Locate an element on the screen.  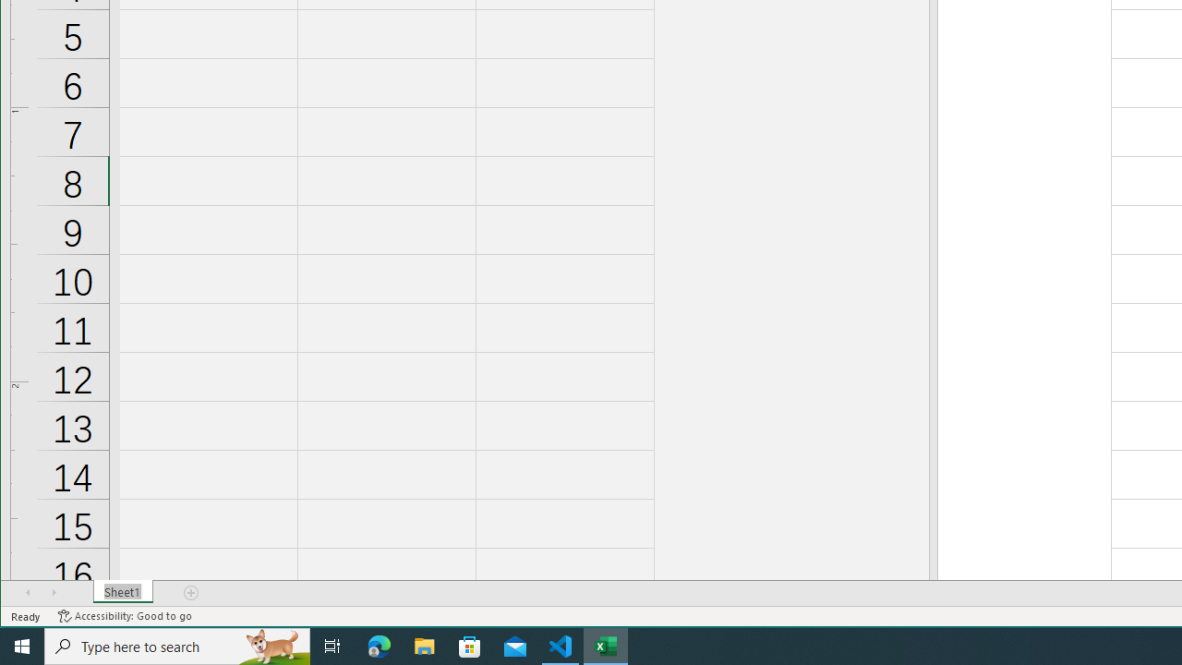
'Microsoft Store' is located at coordinates (470, 645).